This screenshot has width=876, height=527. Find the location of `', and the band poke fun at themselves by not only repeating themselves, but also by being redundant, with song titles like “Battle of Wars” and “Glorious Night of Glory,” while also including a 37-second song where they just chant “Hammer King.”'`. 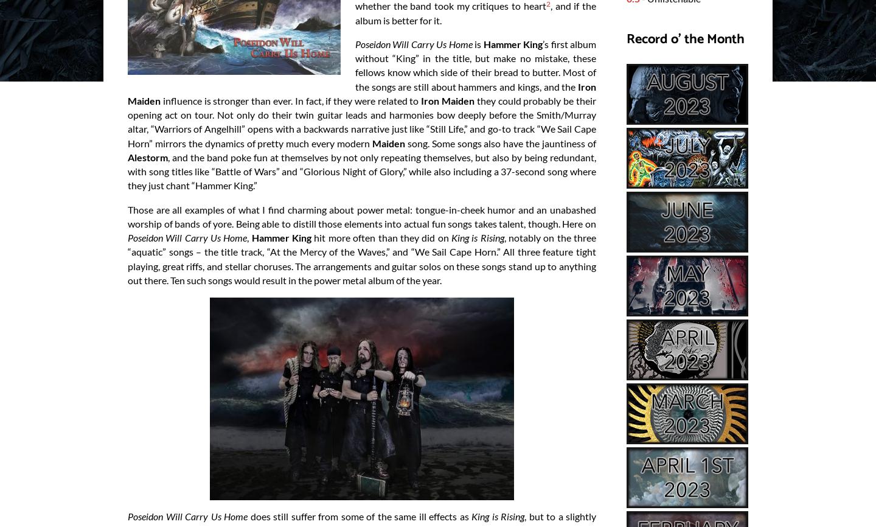

', and the band poke fun at themselves by not only repeating themselves, but also by being redundant, with song titles like “Battle of Wars” and “Glorious Night of Glory,” while also including a 37-second song where they just chant “Hammer King.”' is located at coordinates (362, 170).